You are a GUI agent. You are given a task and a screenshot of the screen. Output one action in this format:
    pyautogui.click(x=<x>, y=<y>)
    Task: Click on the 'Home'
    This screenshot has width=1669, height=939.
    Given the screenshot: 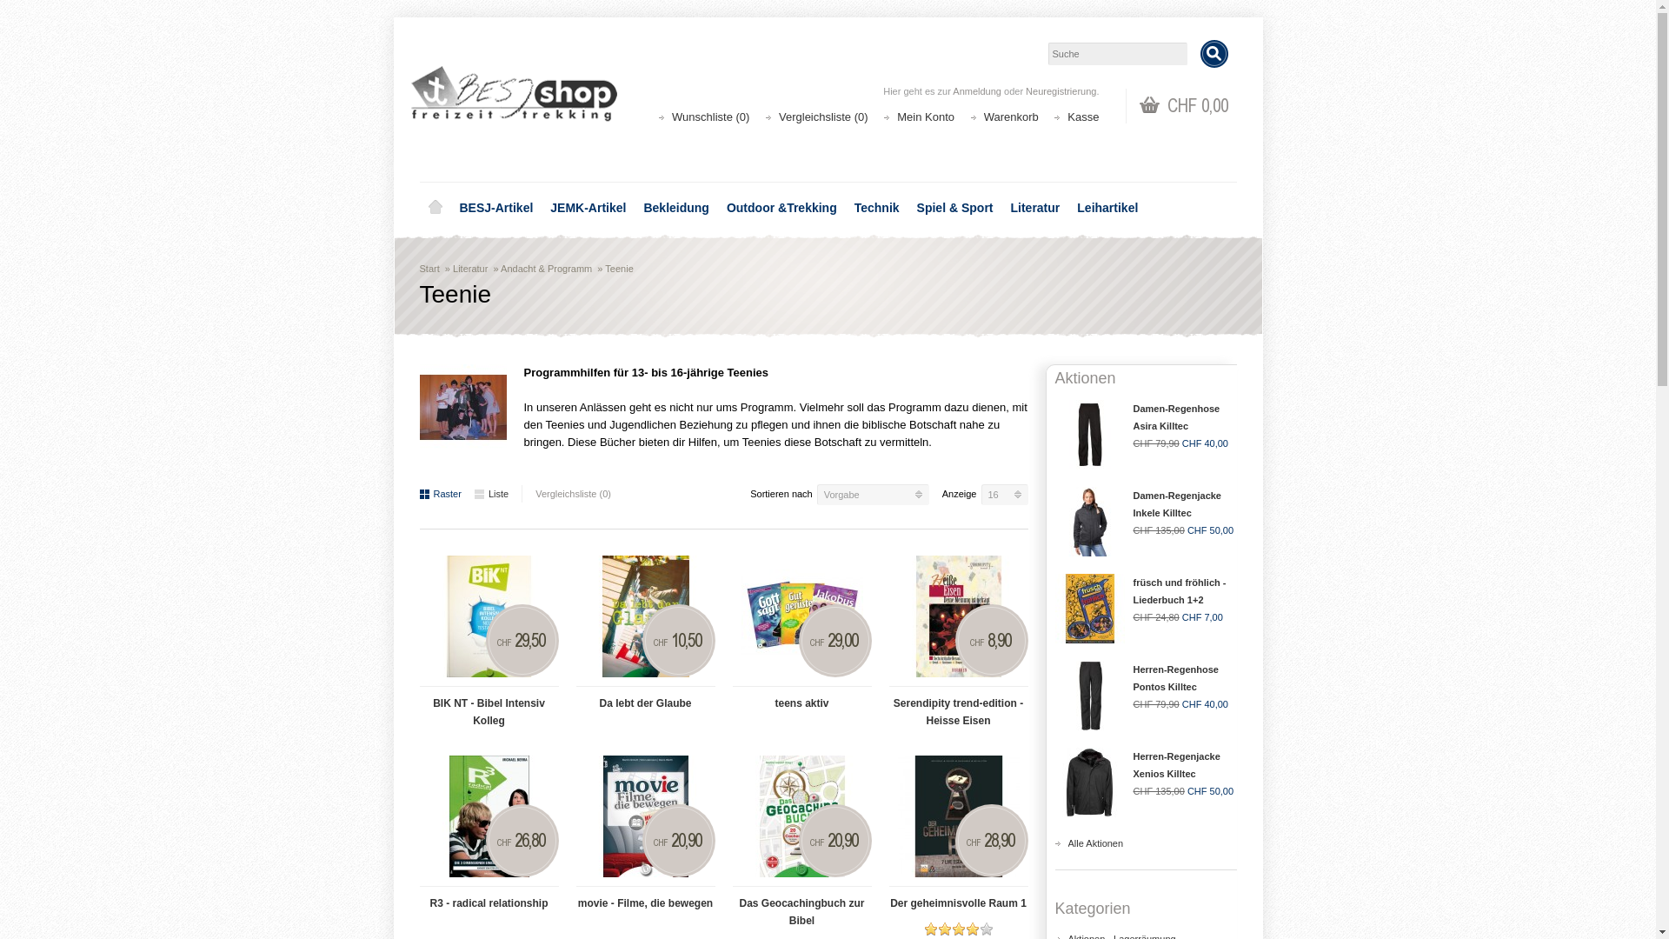 What is the action you would take?
    pyautogui.click(x=434, y=207)
    